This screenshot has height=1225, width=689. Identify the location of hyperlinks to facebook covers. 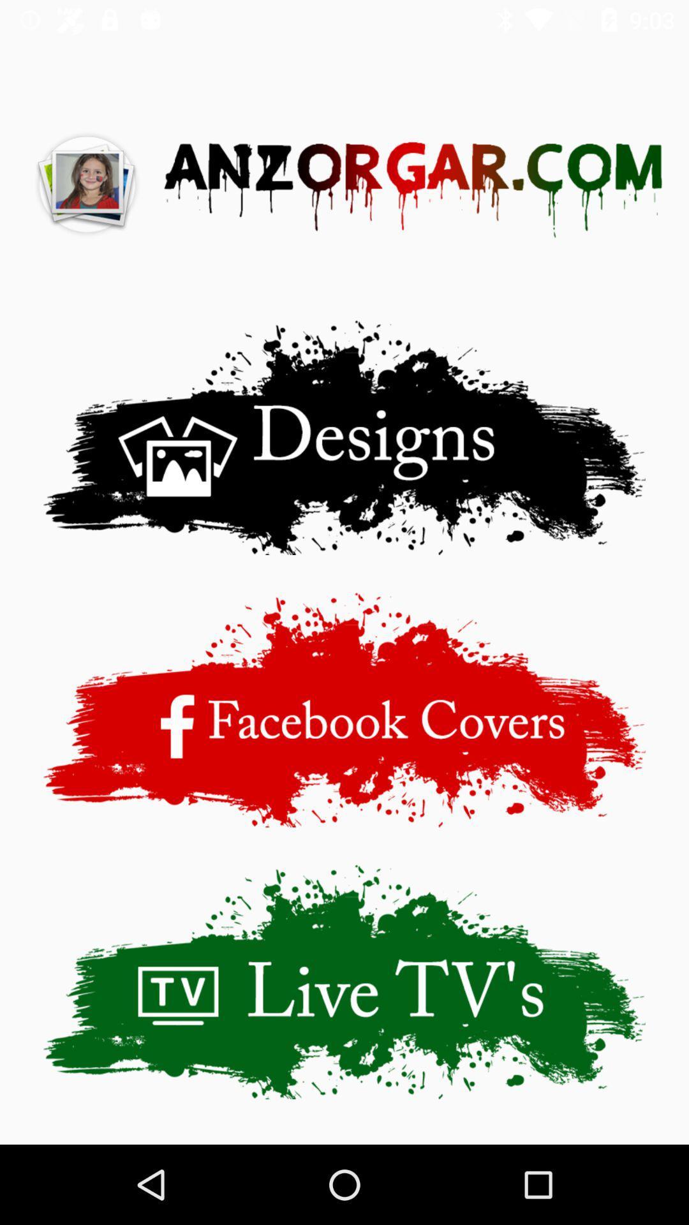
(344, 709).